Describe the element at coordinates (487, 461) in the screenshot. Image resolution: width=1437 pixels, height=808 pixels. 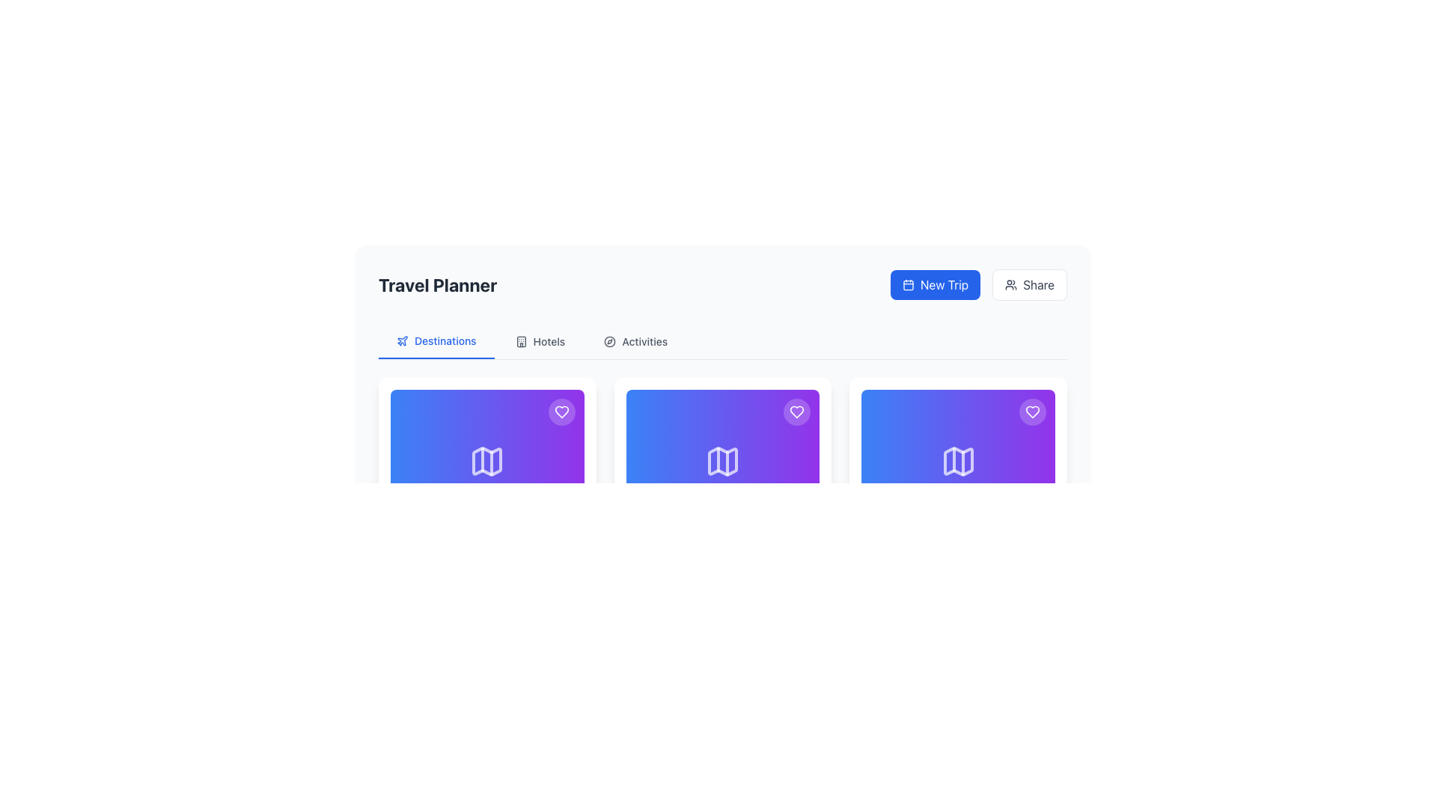
I see `the map-related Icon embedded within the first card under the 'Destinations' section` at that location.